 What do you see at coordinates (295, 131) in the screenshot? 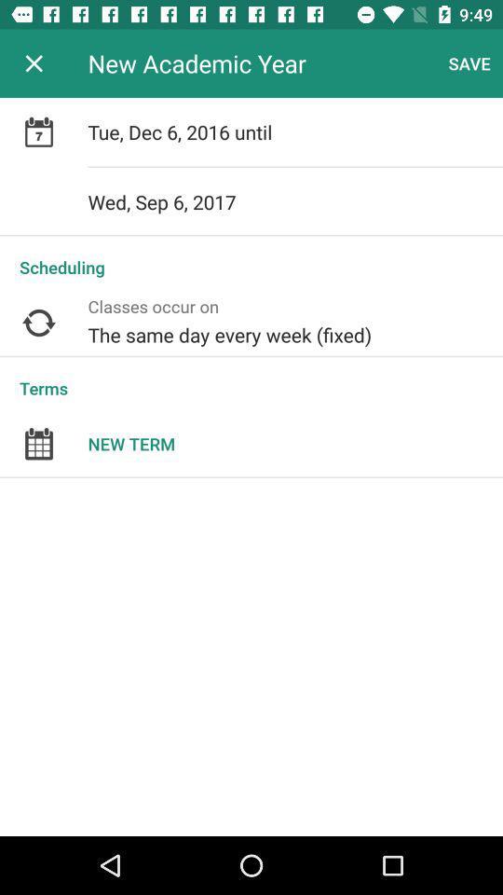
I see `the icon below save item` at bounding box center [295, 131].